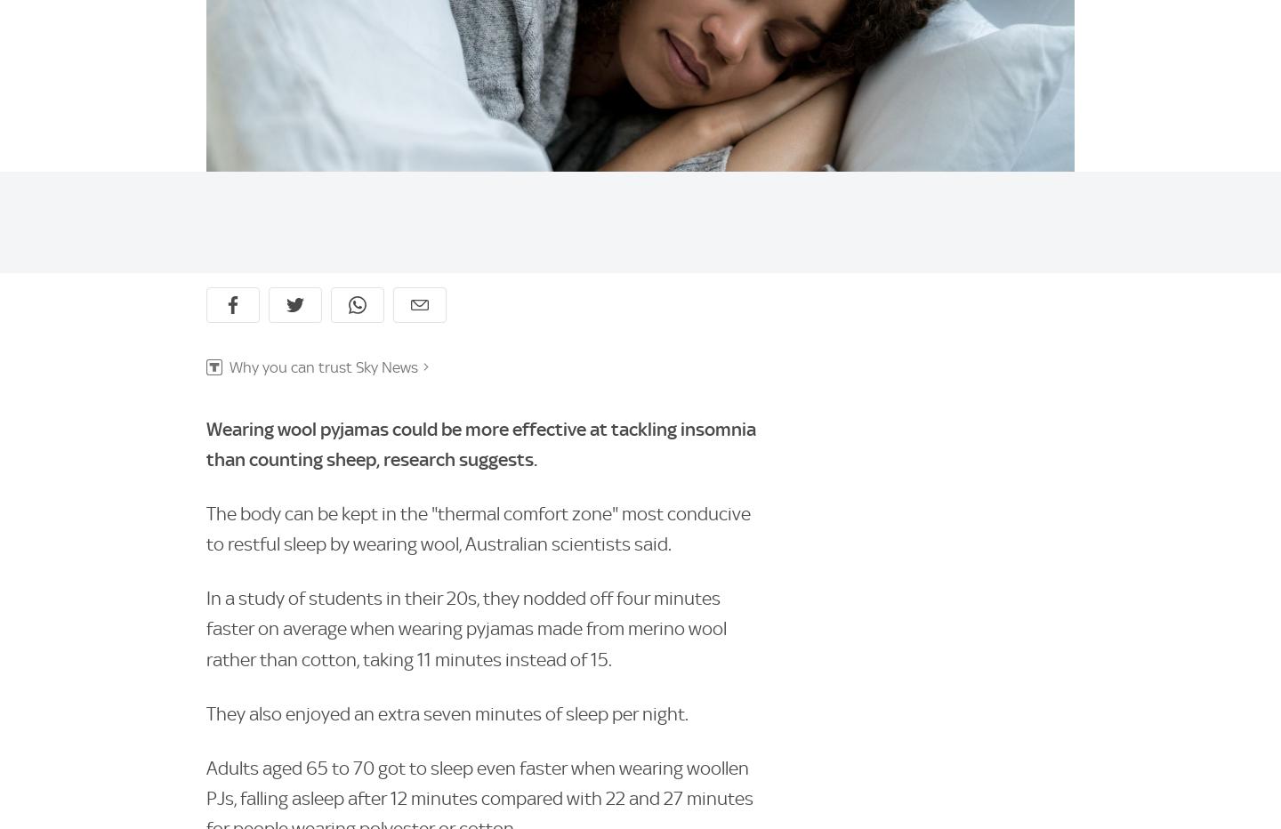 This screenshot has height=829, width=1281. I want to click on 'Sky Bet', so click(909, 626).